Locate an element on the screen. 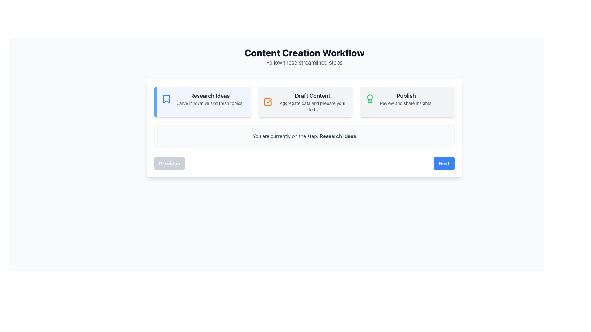 Image resolution: width=591 pixels, height=332 pixels. the text label reading 'Follow these streamlined steps,' which is a medium-sized light gray font positioned below the header 'Content Creation Workflow.' is located at coordinates (304, 63).